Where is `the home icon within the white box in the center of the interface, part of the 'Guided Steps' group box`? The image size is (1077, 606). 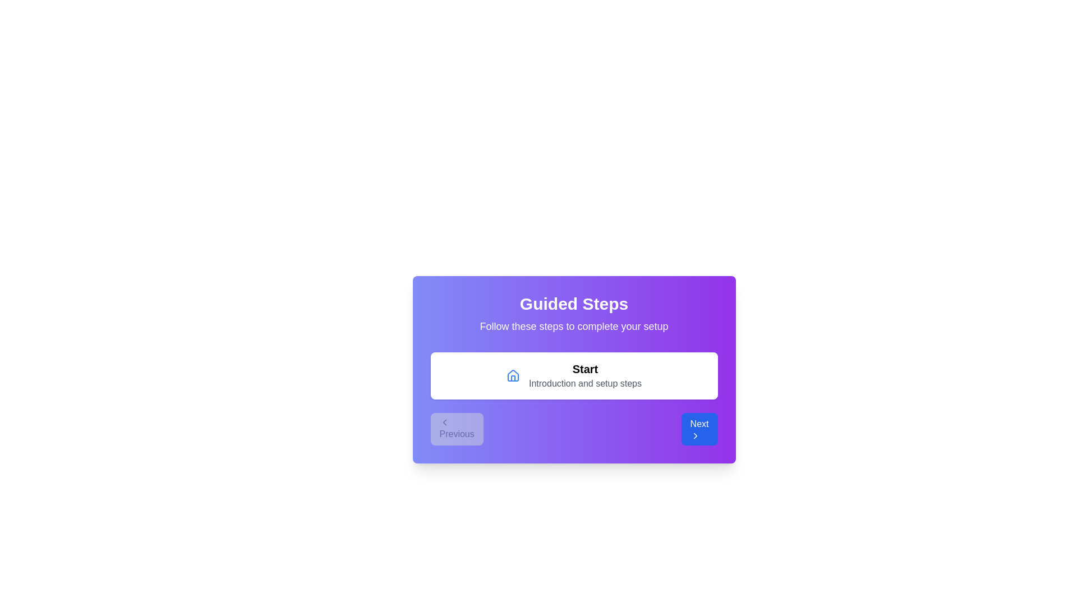
the home icon within the white box in the center of the interface, part of the 'Guided Steps' group box is located at coordinates (513, 376).